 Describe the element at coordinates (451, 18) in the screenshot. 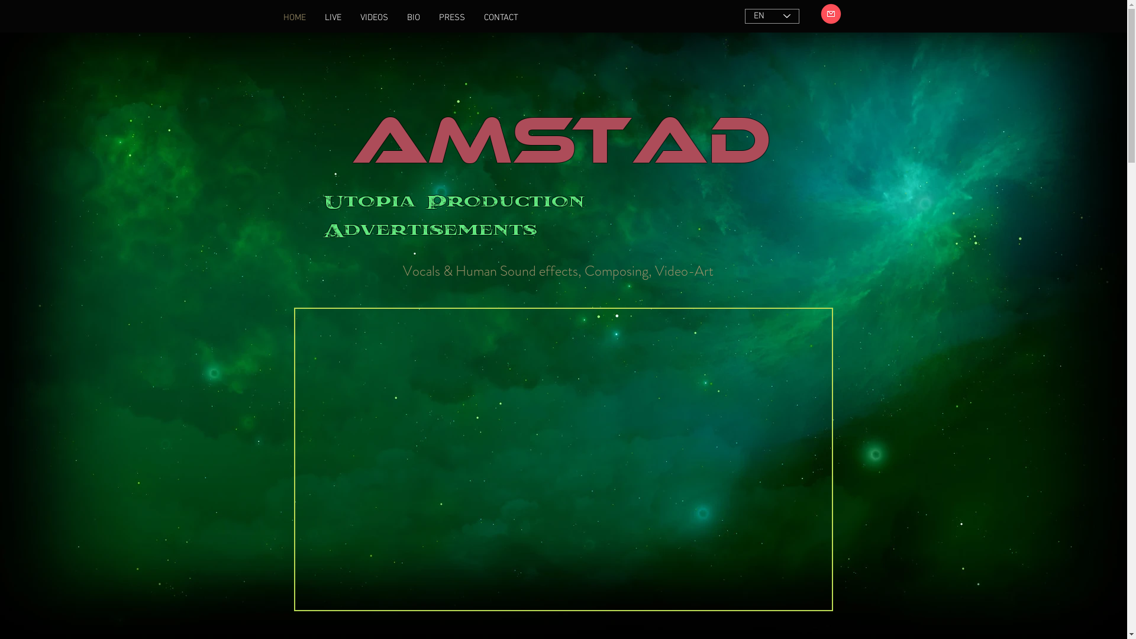

I see `'PRESS'` at that location.